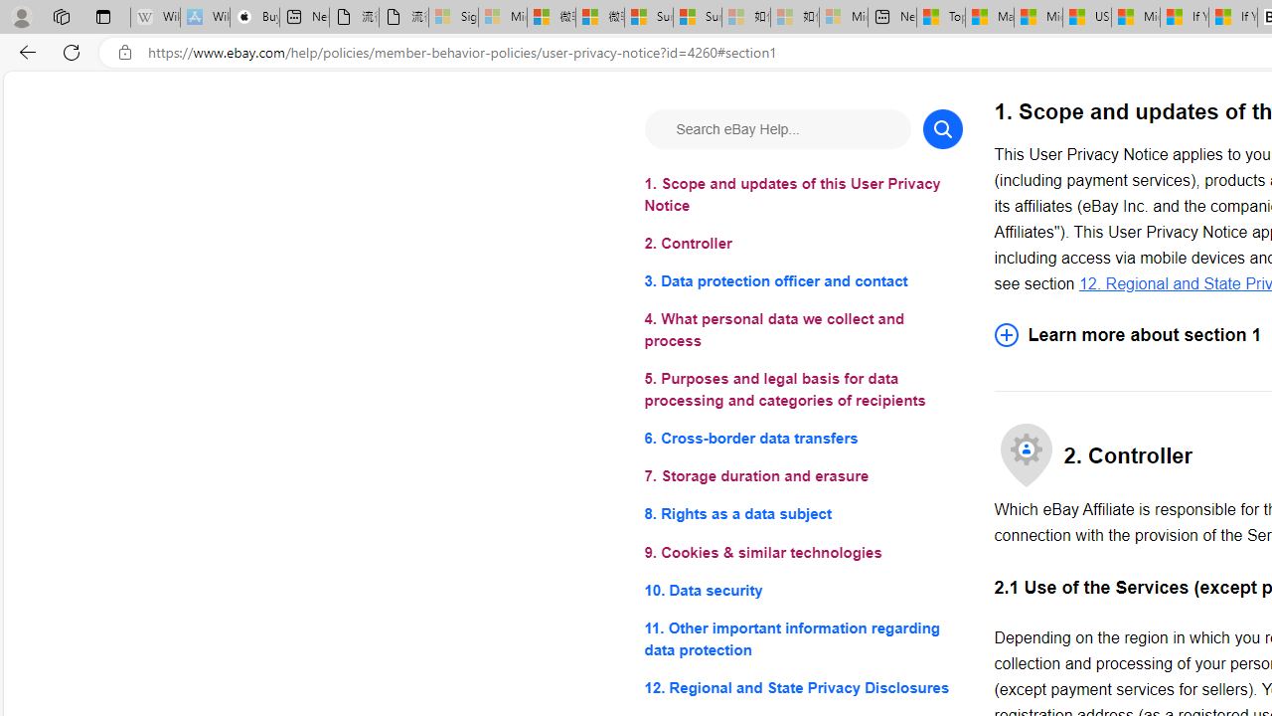 The height and width of the screenshot is (716, 1272). Describe the element at coordinates (803, 329) in the screenshot. I see `'4. What personal data we collect and process'` at that location.